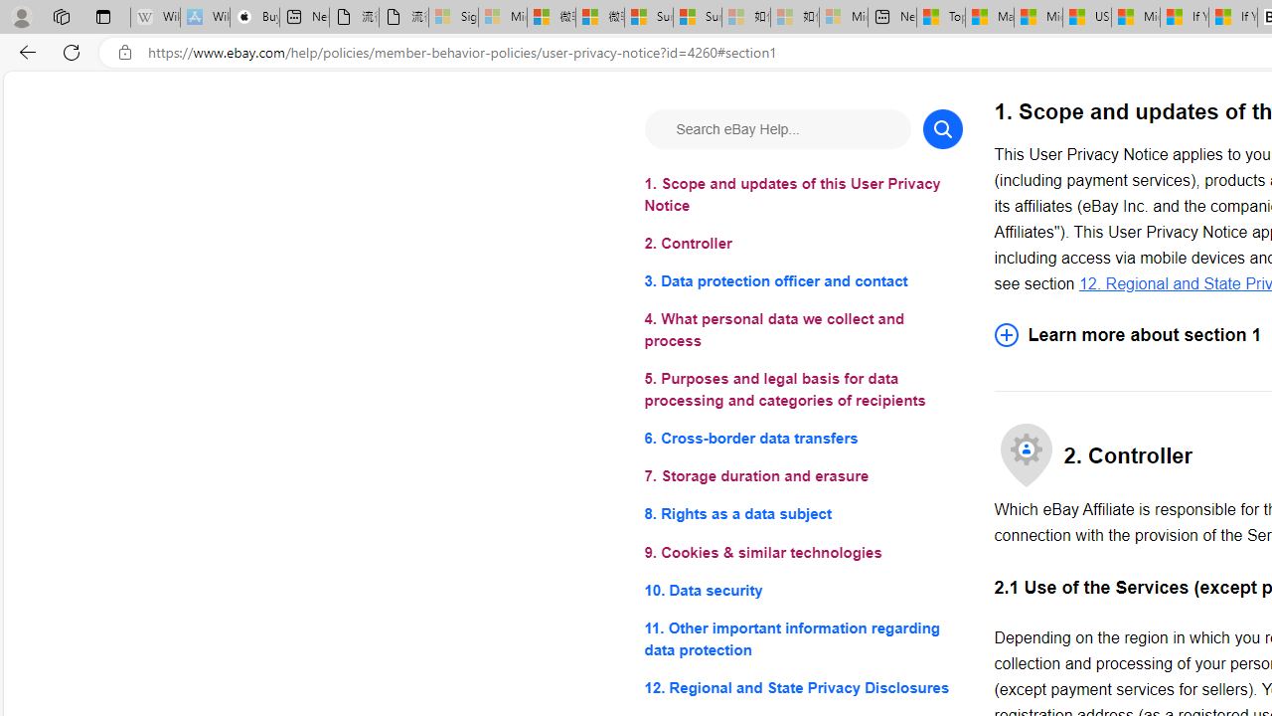 The height and width of the screenshot is (716, 1272). Describe the element at coordinates (803, 329) in the screenshot. I see `'4. What personal data we collect and process'` at that location.